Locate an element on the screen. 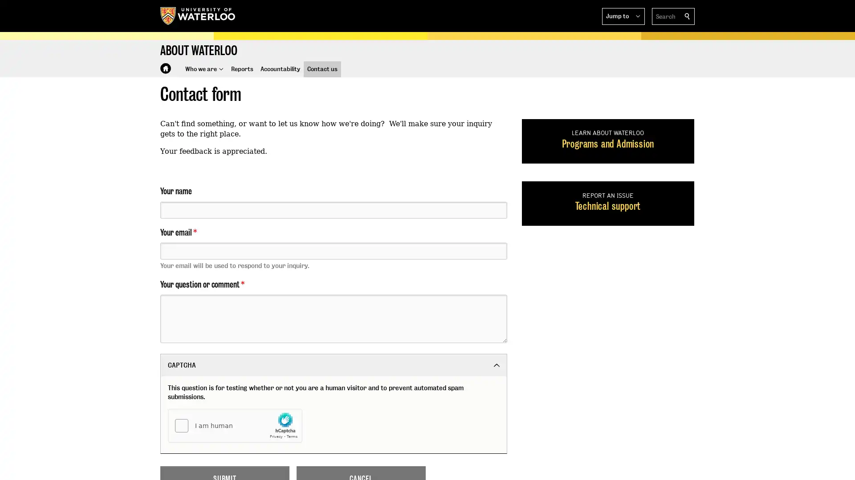  CAPTCHA is located at coordinates (333, 365).